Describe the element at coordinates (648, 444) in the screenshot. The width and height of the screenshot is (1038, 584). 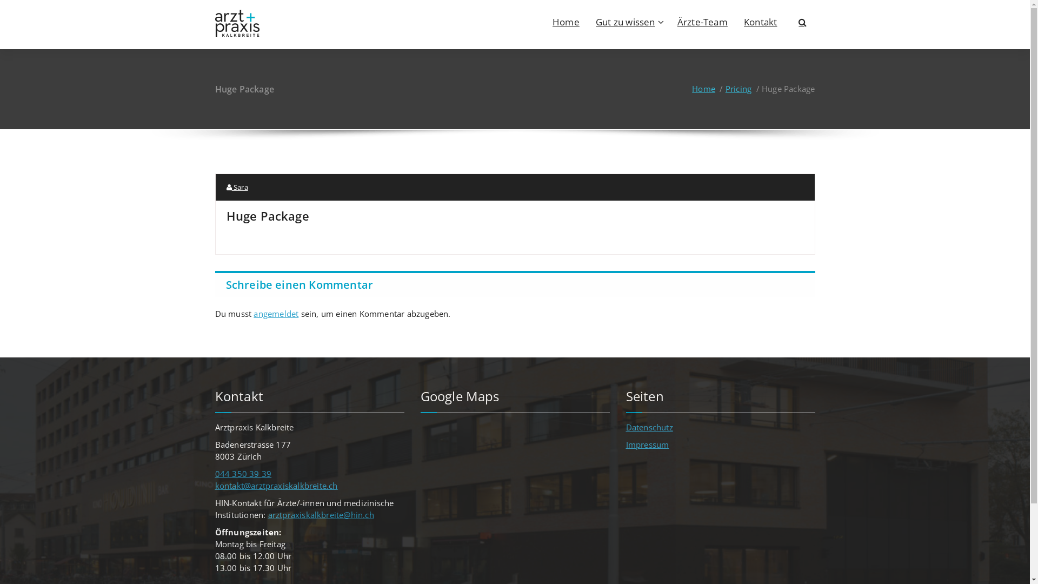
I see `'Impressum'` at that location.